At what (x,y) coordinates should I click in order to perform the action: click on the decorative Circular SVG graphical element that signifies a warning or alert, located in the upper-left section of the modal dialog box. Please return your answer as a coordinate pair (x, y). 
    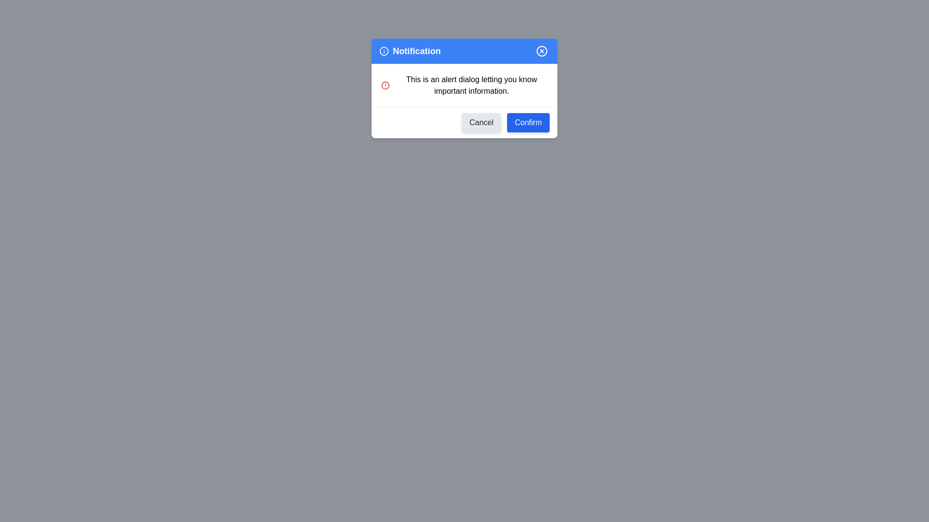
    Looking at the image, I should click on (385, 85).